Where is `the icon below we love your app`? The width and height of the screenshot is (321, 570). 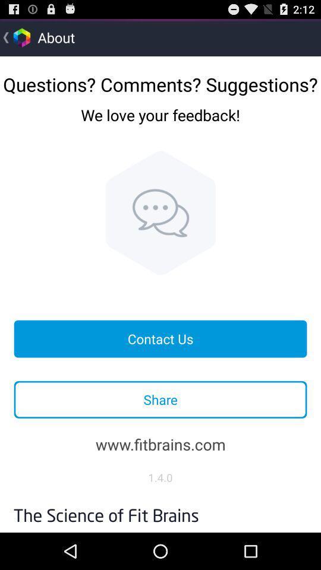
the icon below we love your app is located at coordinates (160, 213).